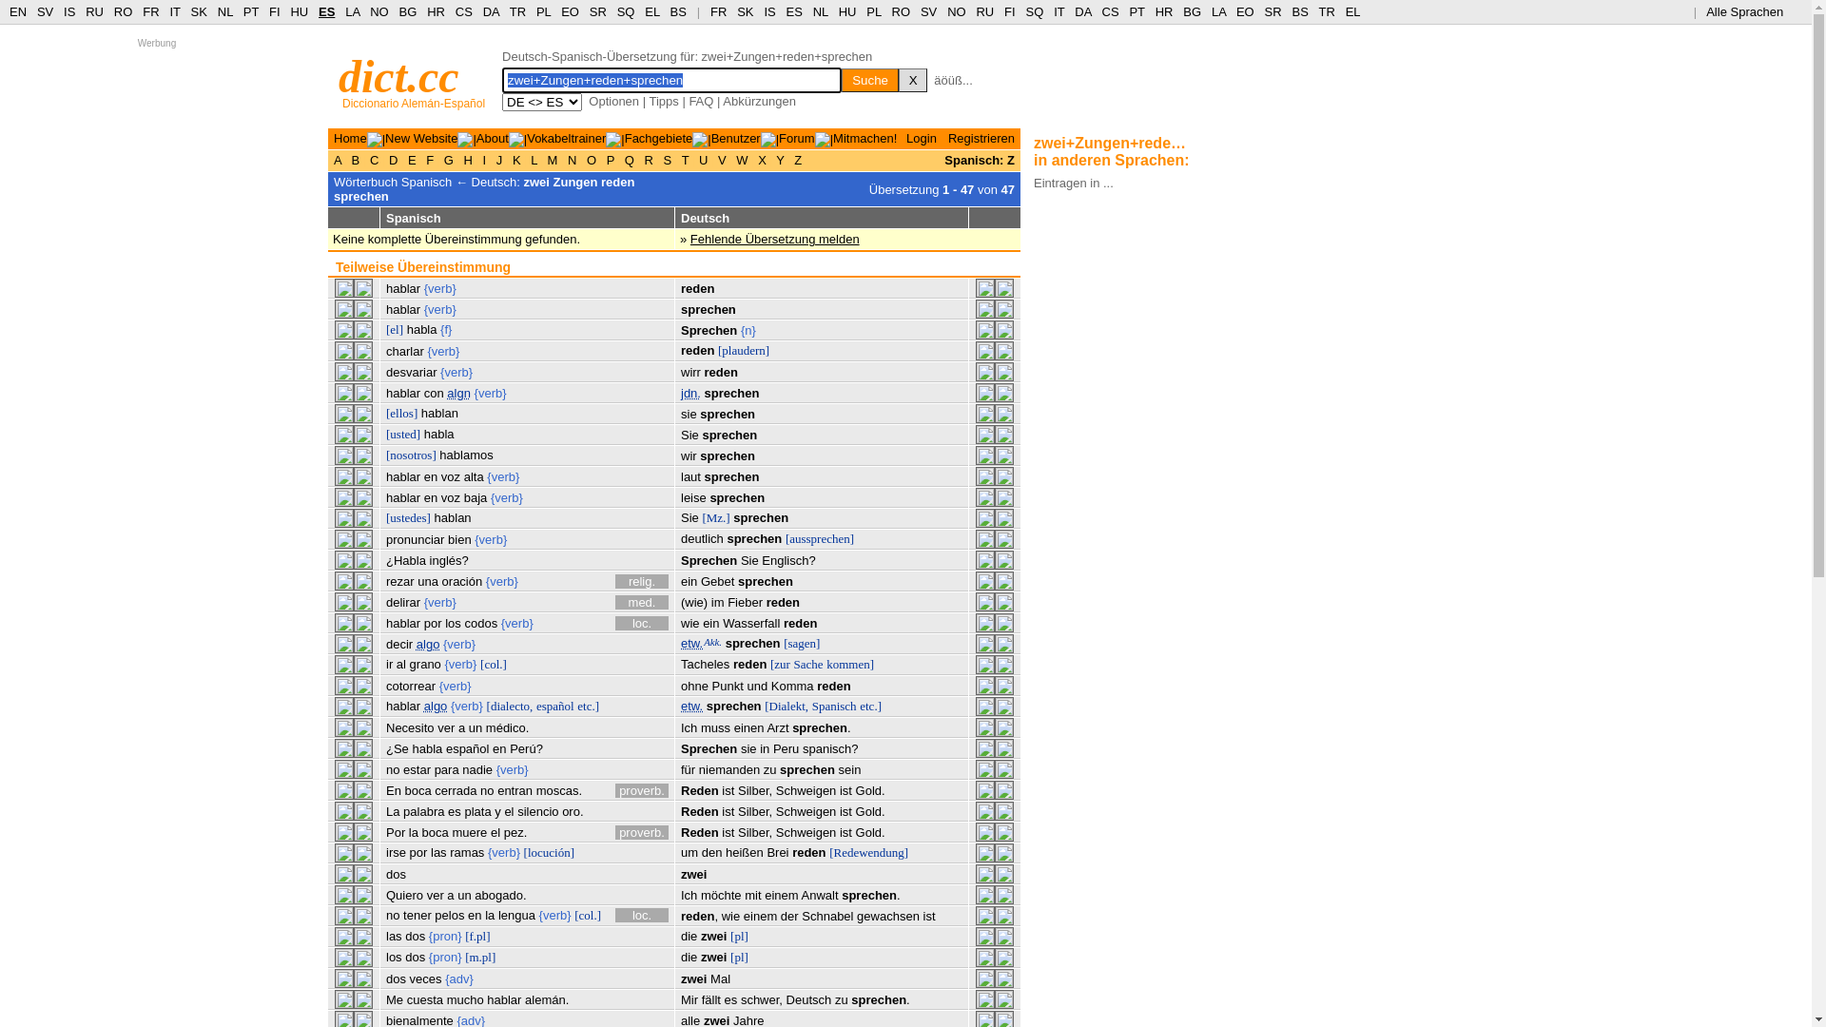 The height and width of the screenshot is (1027, 1826). Describe the element at coordinates (435, 706) in the screenshot. I see `'algo'` at that location.